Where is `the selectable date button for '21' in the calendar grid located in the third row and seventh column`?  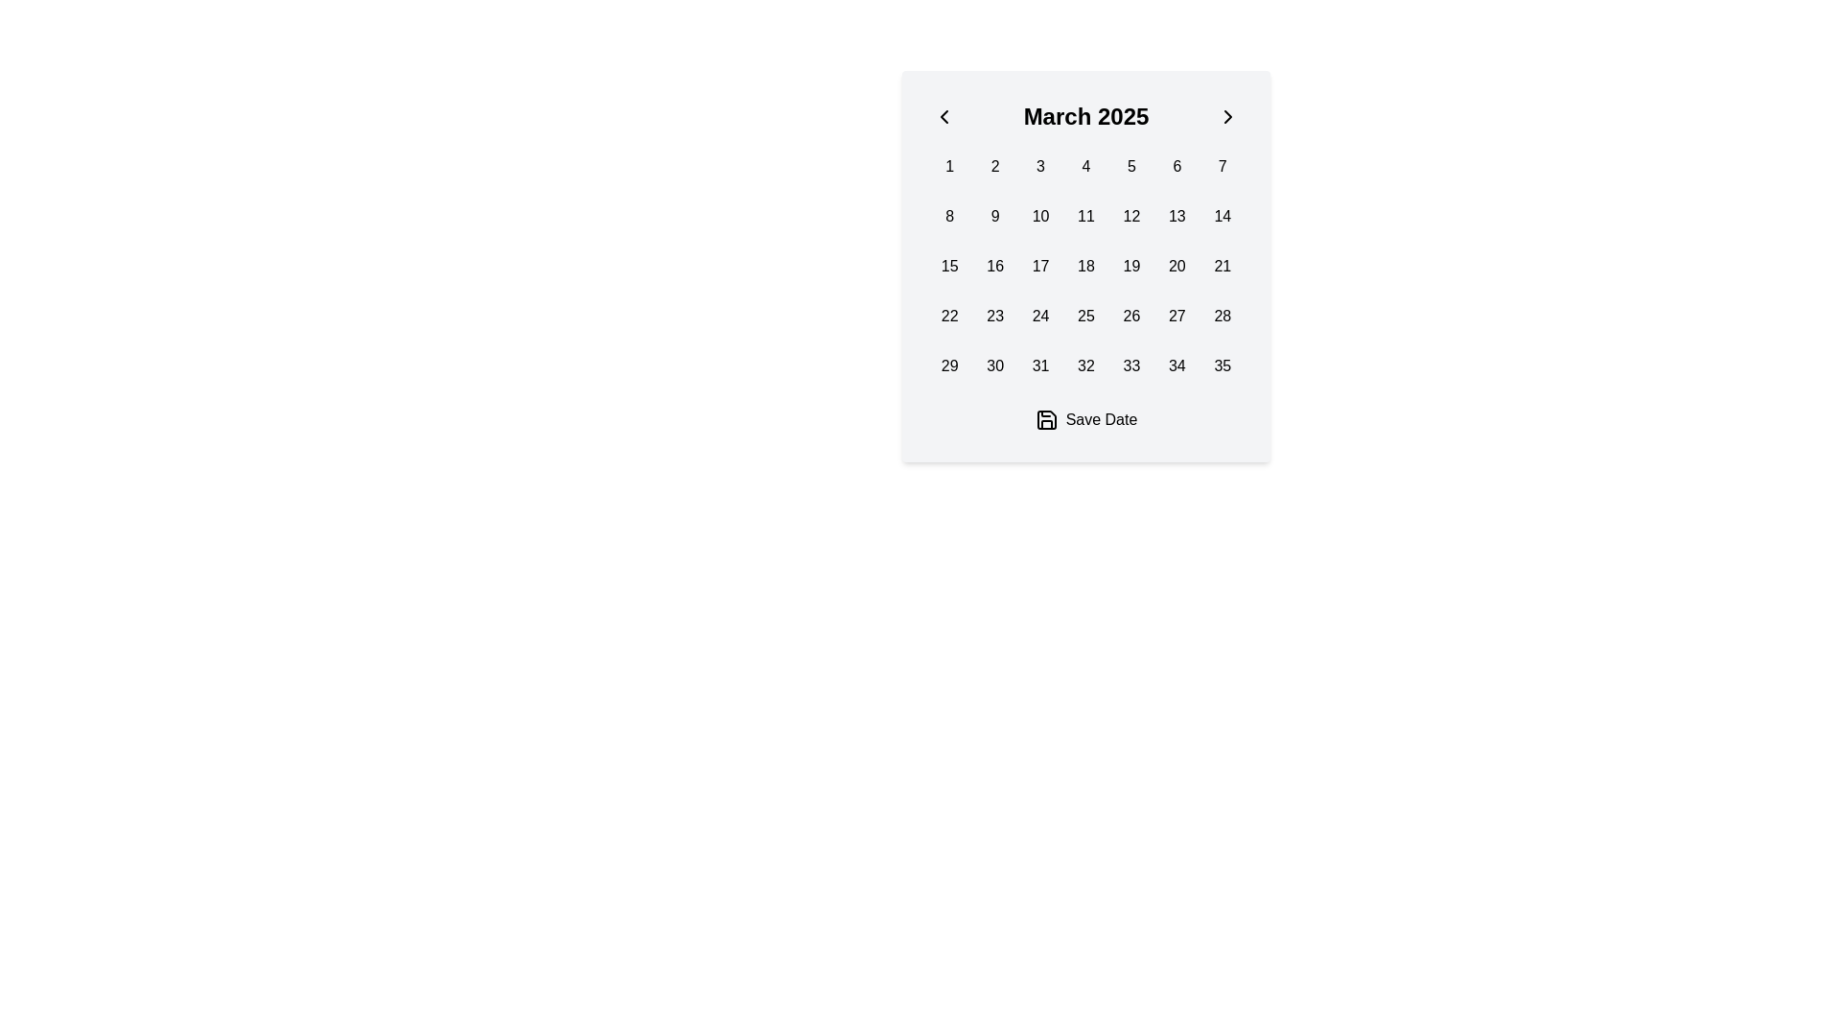 the selectable date button for '21' in the calendar grid located in the third row and seventh column is located at coordinates (1222, 266).